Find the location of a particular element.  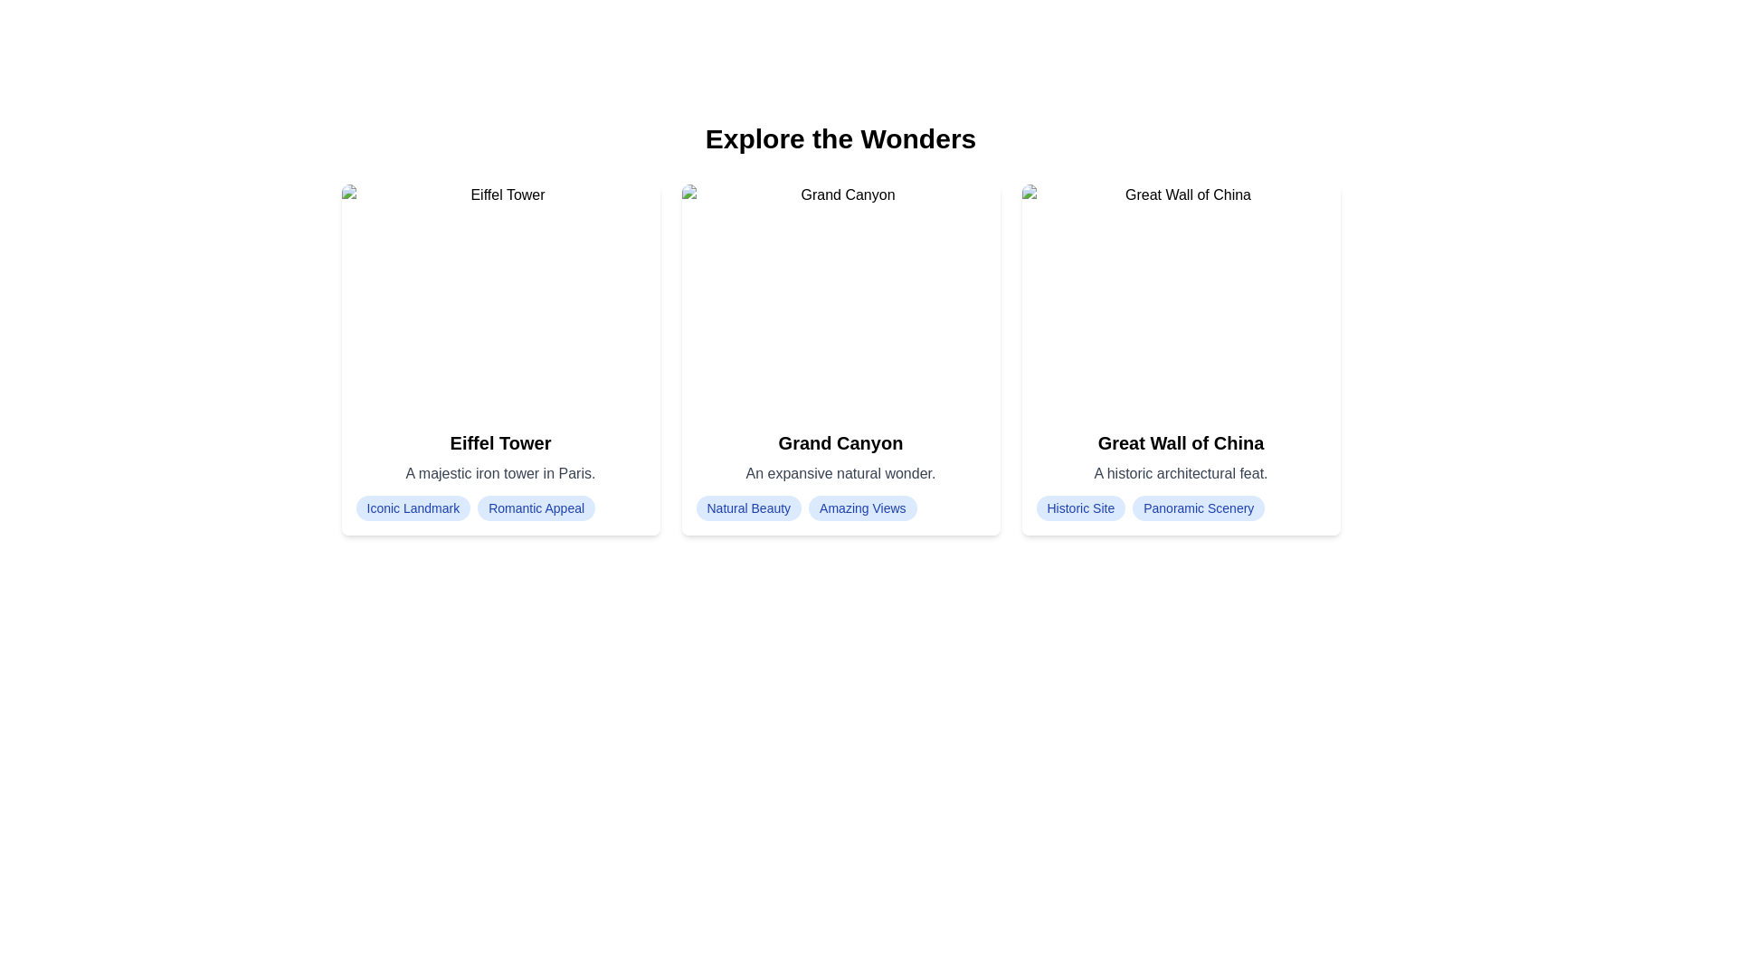

title and description from the informational card section about the Eiffel Tower, located at the bottom center of the card is located at coordinates (500, 474).